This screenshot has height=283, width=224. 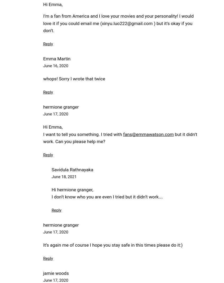 What do you see at coordinates (51, 169) in the screenshot?
I see `'Savidula Rathnayaka'` at bounding box center [51, 169].